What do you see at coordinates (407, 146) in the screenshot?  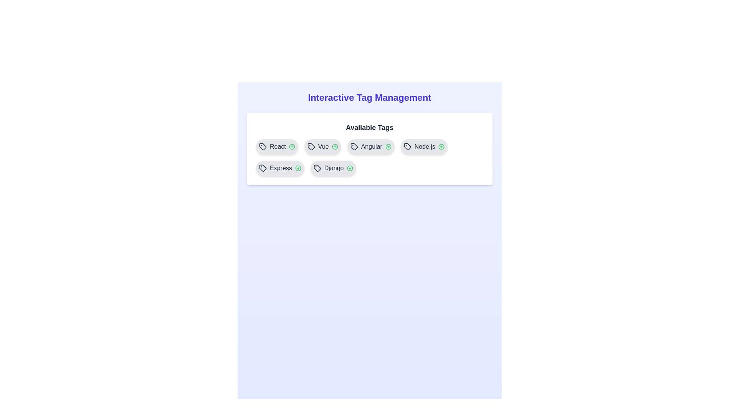 I see `the 'Node.js' tag icon located in the tag group, positioned between the 'Angular' tag and an action icon` at bounding box center [407, 146].